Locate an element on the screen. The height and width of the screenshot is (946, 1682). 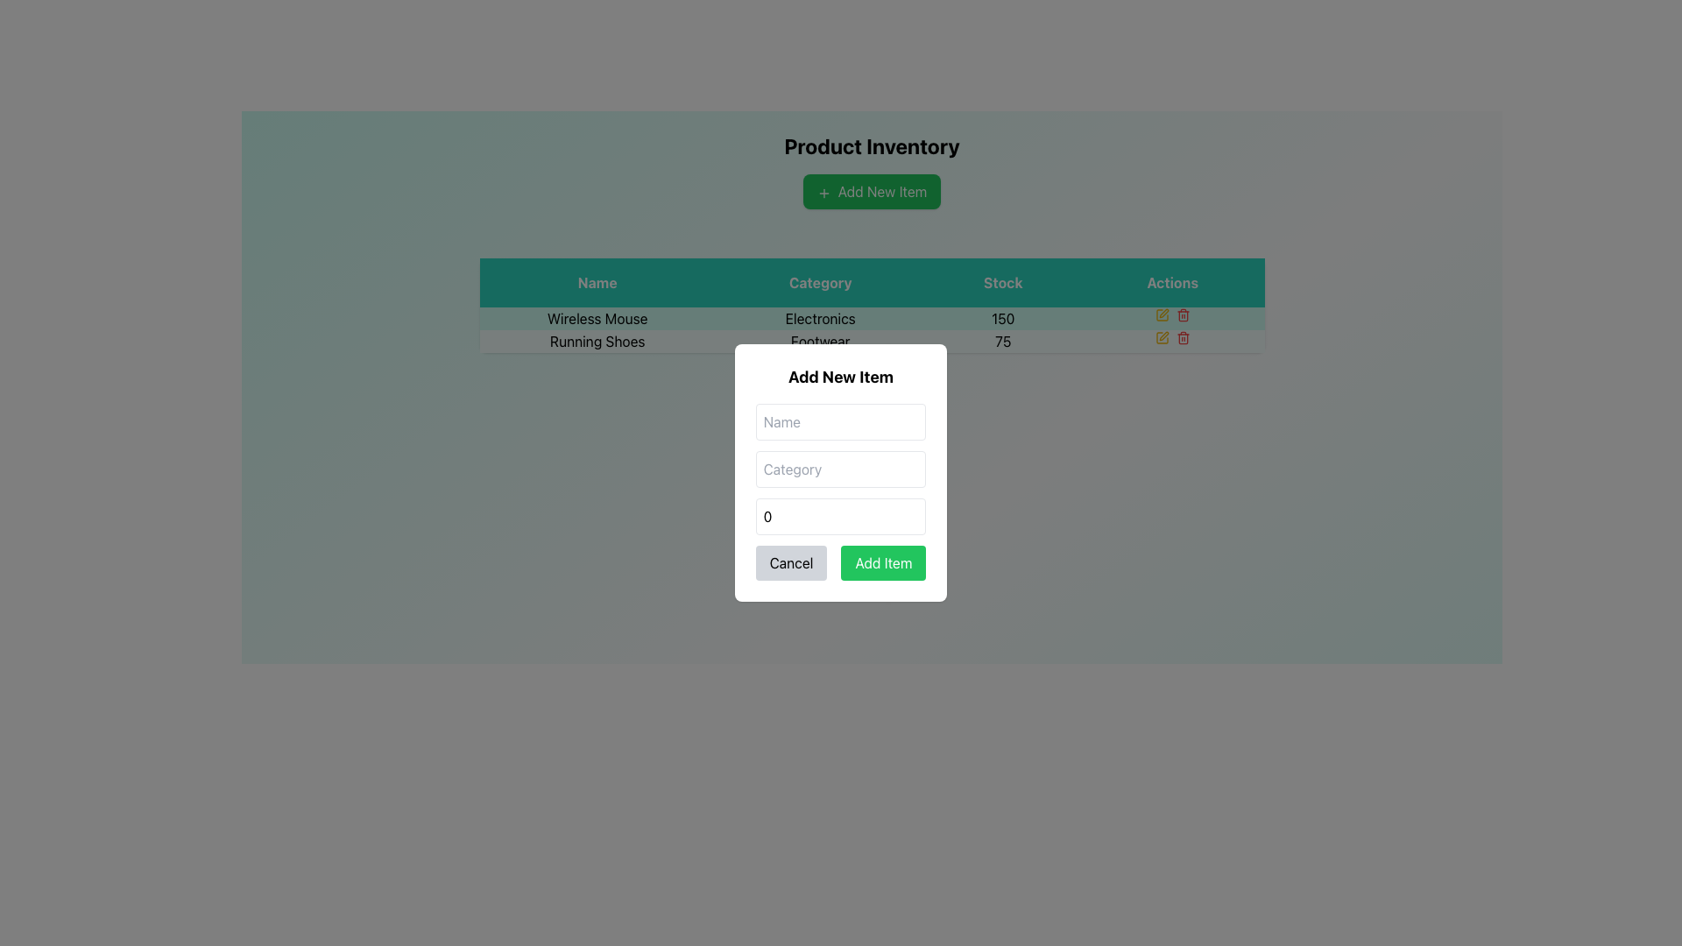
the Interactive icon located in the 'Actions' column of the second row of the table is located at coordinates (1183, 314).